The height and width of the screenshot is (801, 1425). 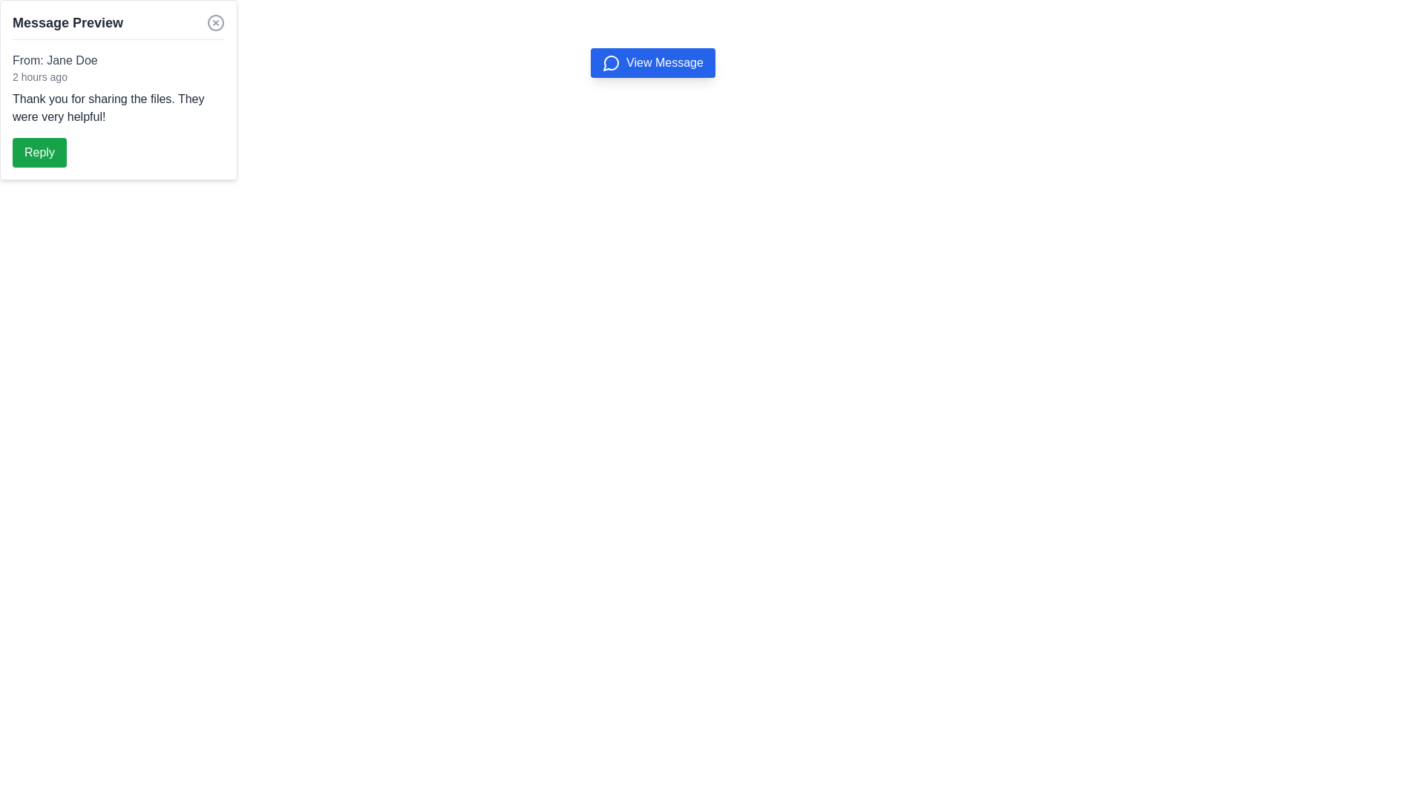 I want to click on the speech bubble icon located to the left of the 'View Message' button, which is centrally positioned near the top of the UI, so click(x=611, y=62).